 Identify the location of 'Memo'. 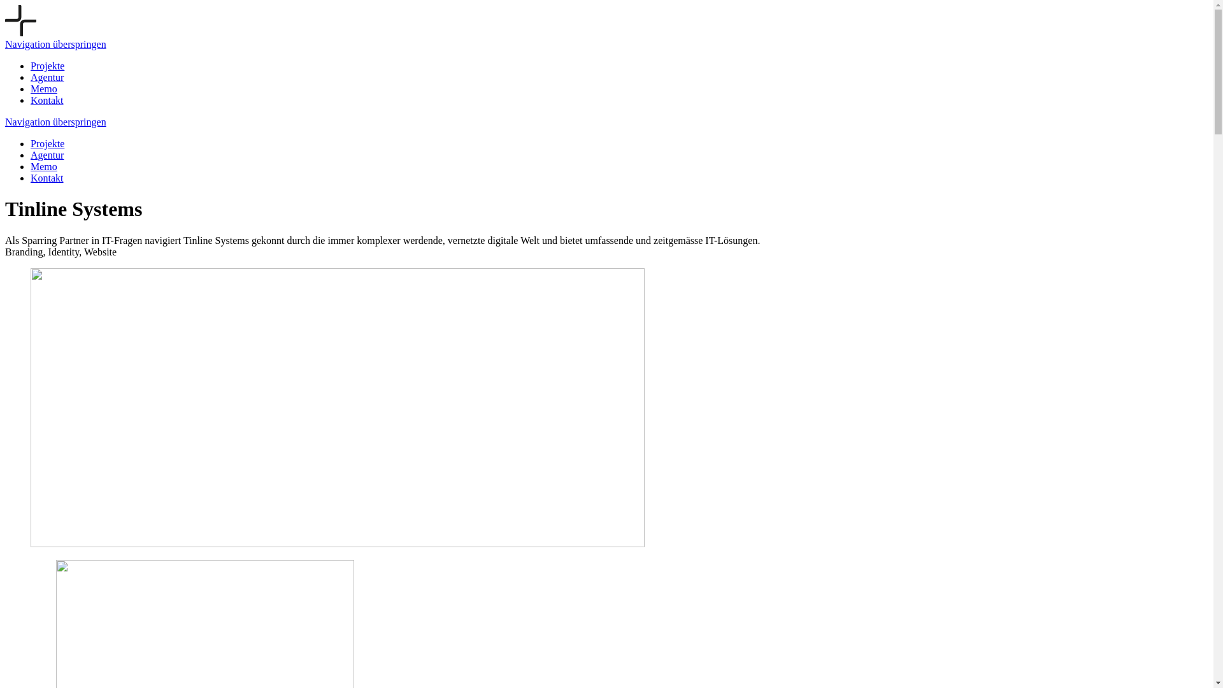
(43, 166).